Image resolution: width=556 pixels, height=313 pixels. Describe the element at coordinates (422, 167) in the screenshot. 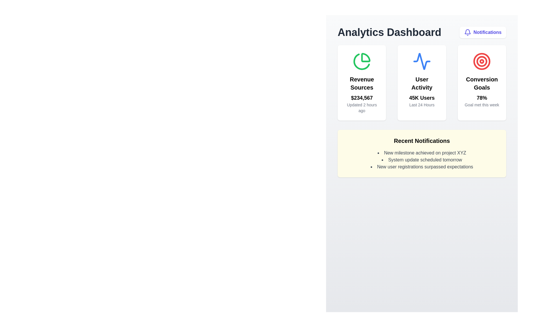

I see `the third text label in the 'Recent Notifications' list that communicates user registrations exceeding expectations, located below 'System update scheduled tomorrow.'` at that location.